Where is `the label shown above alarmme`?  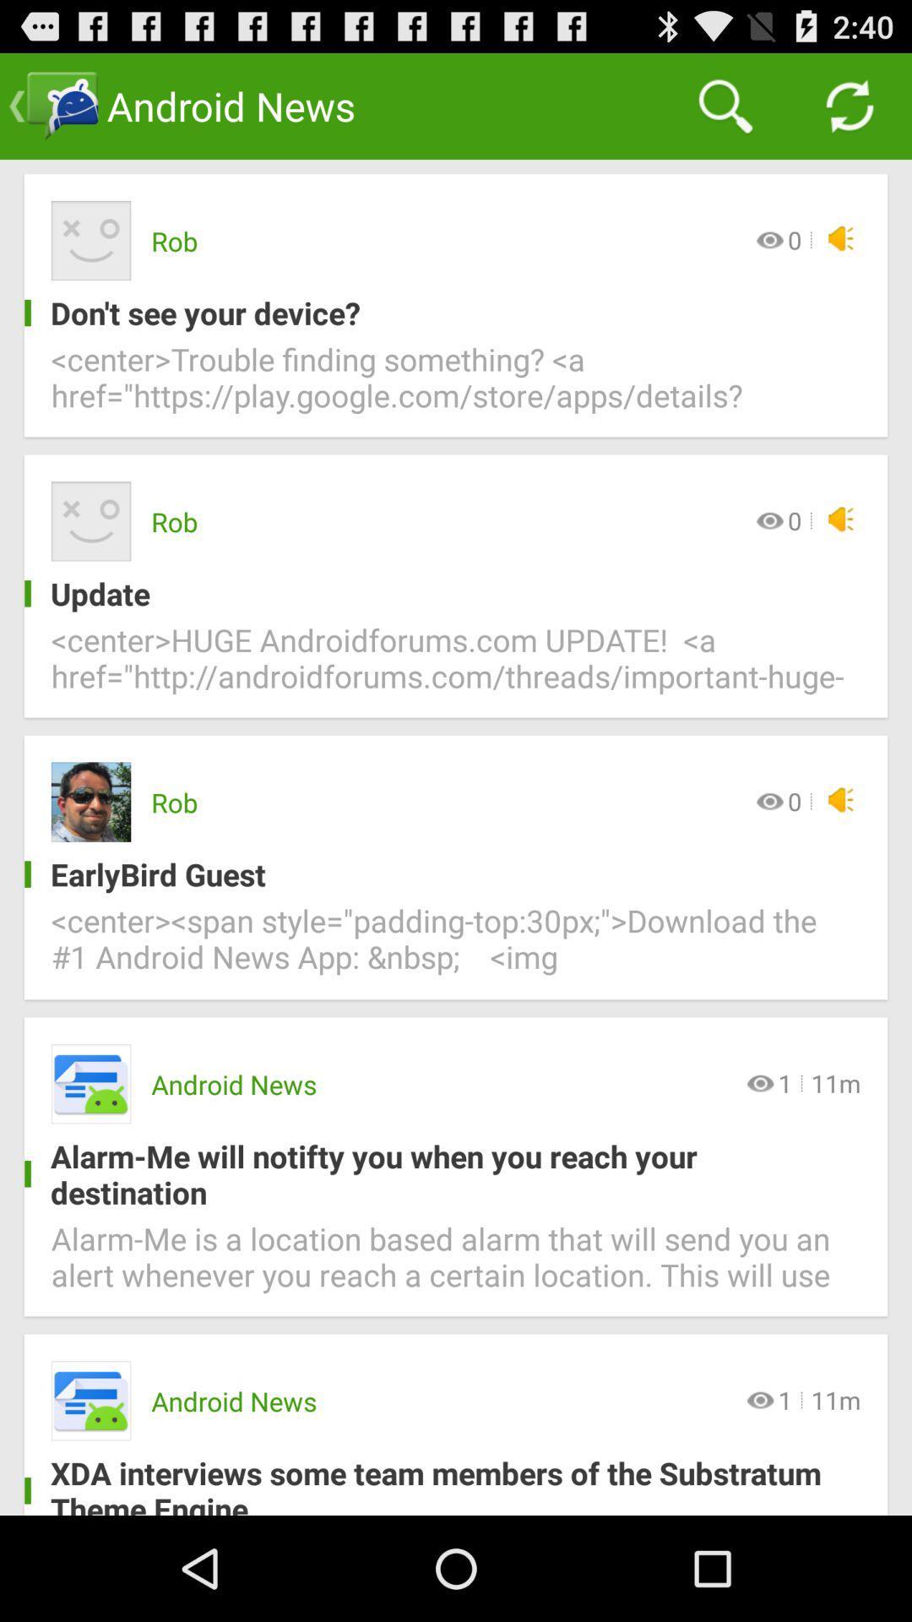
the label shown above alarmme is located at coordinates (91, 1084).